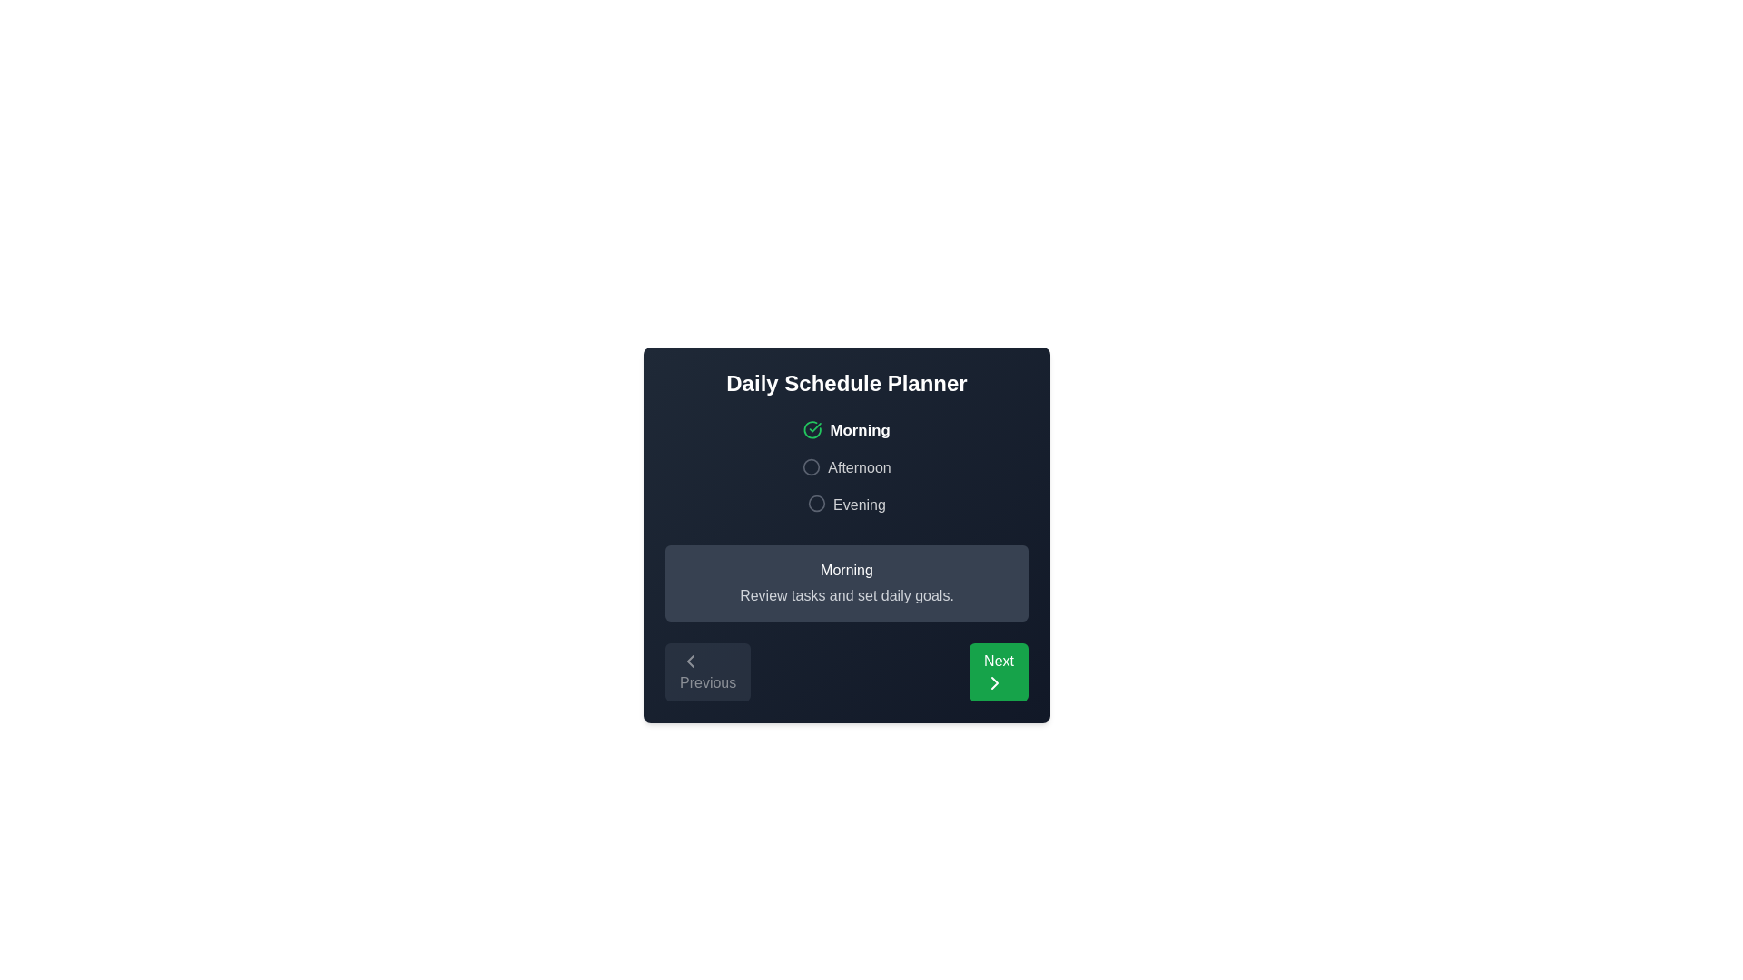 The width and height of the screenshot is (1743, 980). What do you see at coordinates (811, 465) in the screenshot?
I see `the circular radio button associated with the 'Afternoon' option in the 'Daily Schedule Planner' interface` at bounding box center [811, 465].